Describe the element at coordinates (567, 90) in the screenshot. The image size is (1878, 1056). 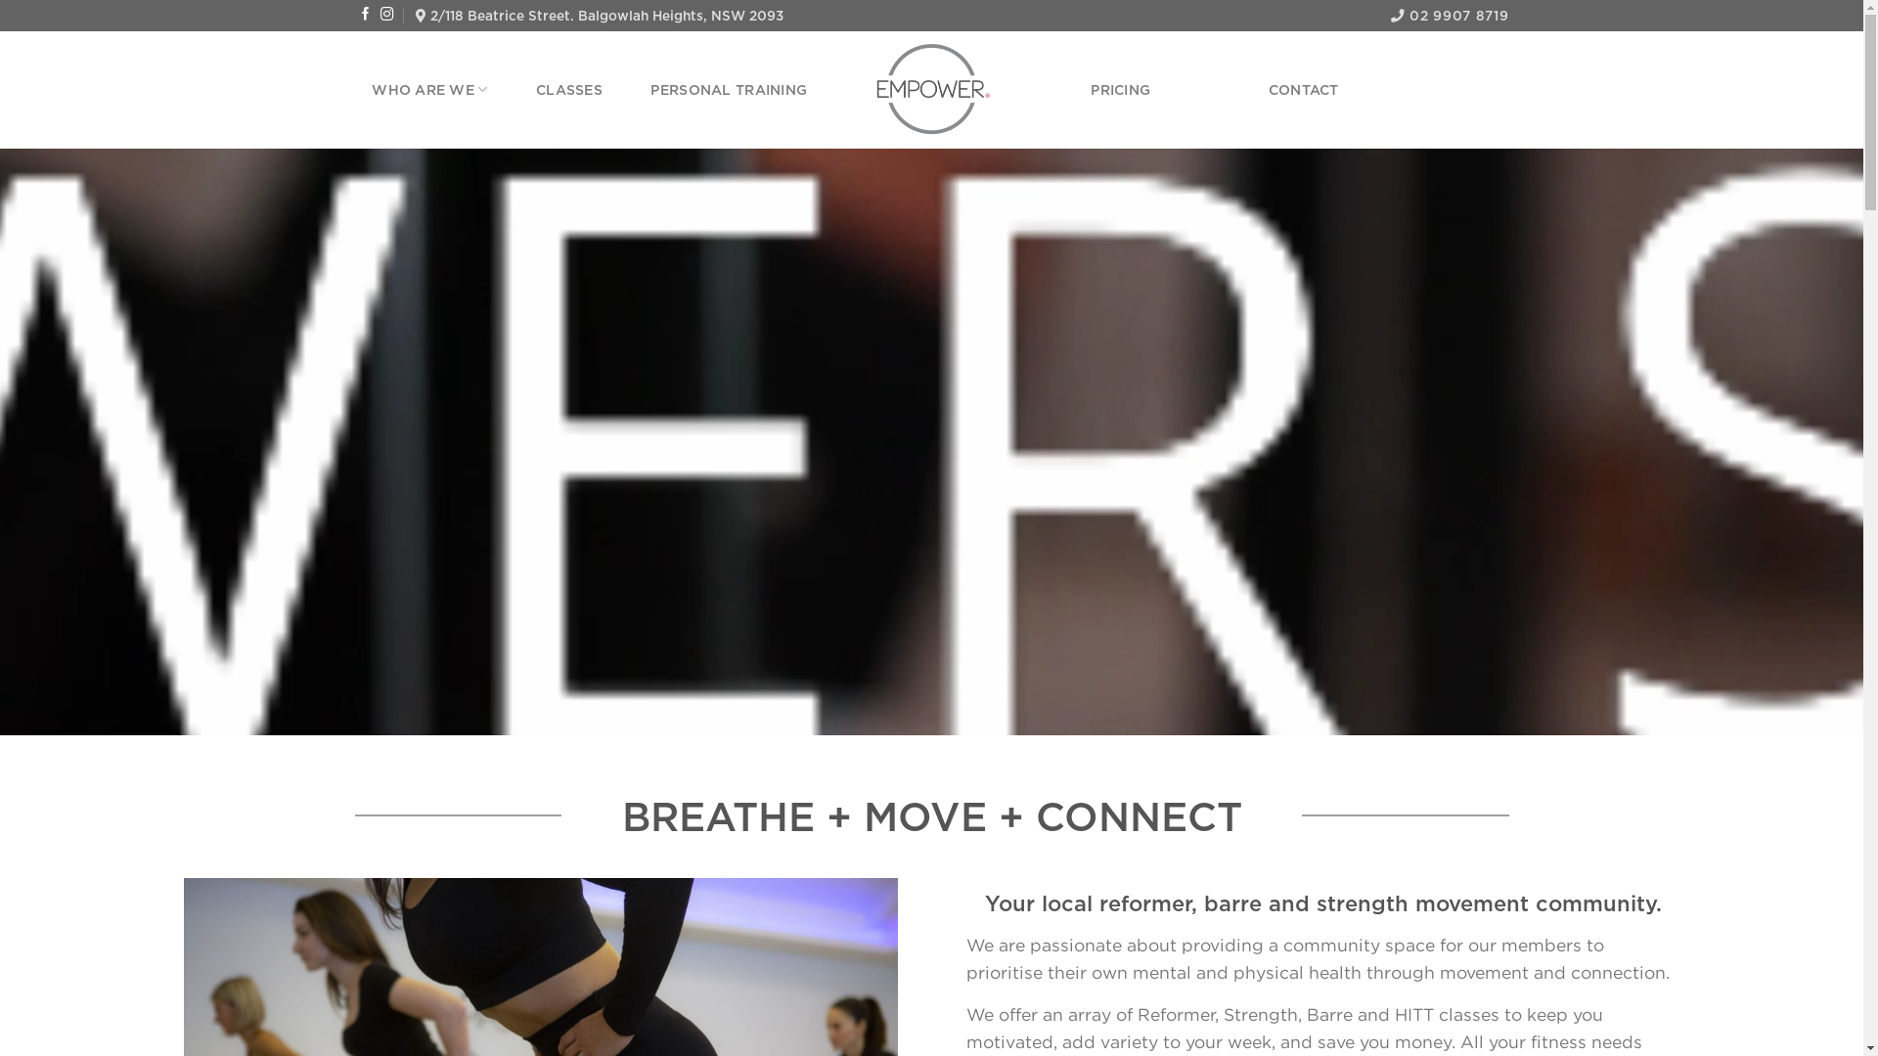
I see `'CLASSES'` at that location.